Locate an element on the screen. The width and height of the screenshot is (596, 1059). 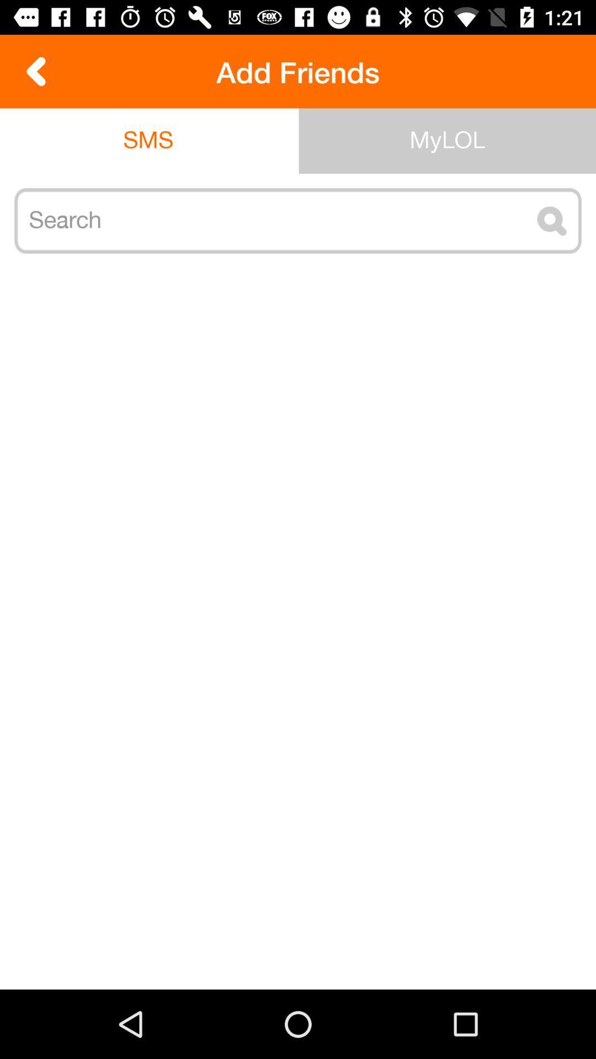
the arrow_backward icon is located at coordinates (36, 71).